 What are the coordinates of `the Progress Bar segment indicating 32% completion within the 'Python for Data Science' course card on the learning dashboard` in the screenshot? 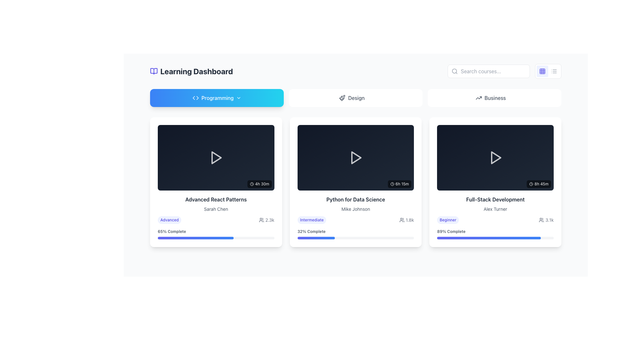 It's located at (316, 238).